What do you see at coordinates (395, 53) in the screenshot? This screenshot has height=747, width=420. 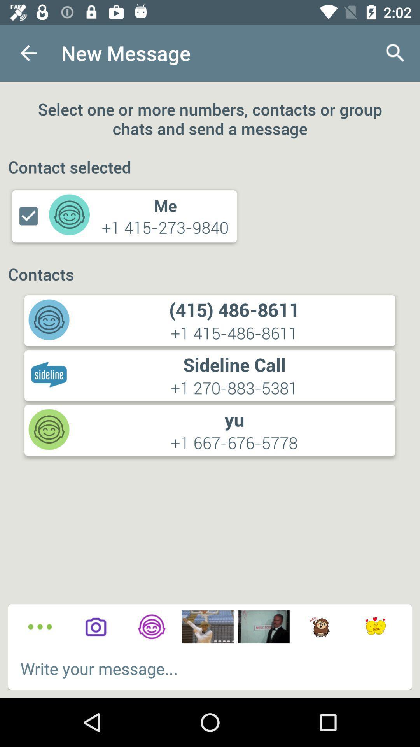 I see `app to the right of new message app` at bounding box center [395, 53].